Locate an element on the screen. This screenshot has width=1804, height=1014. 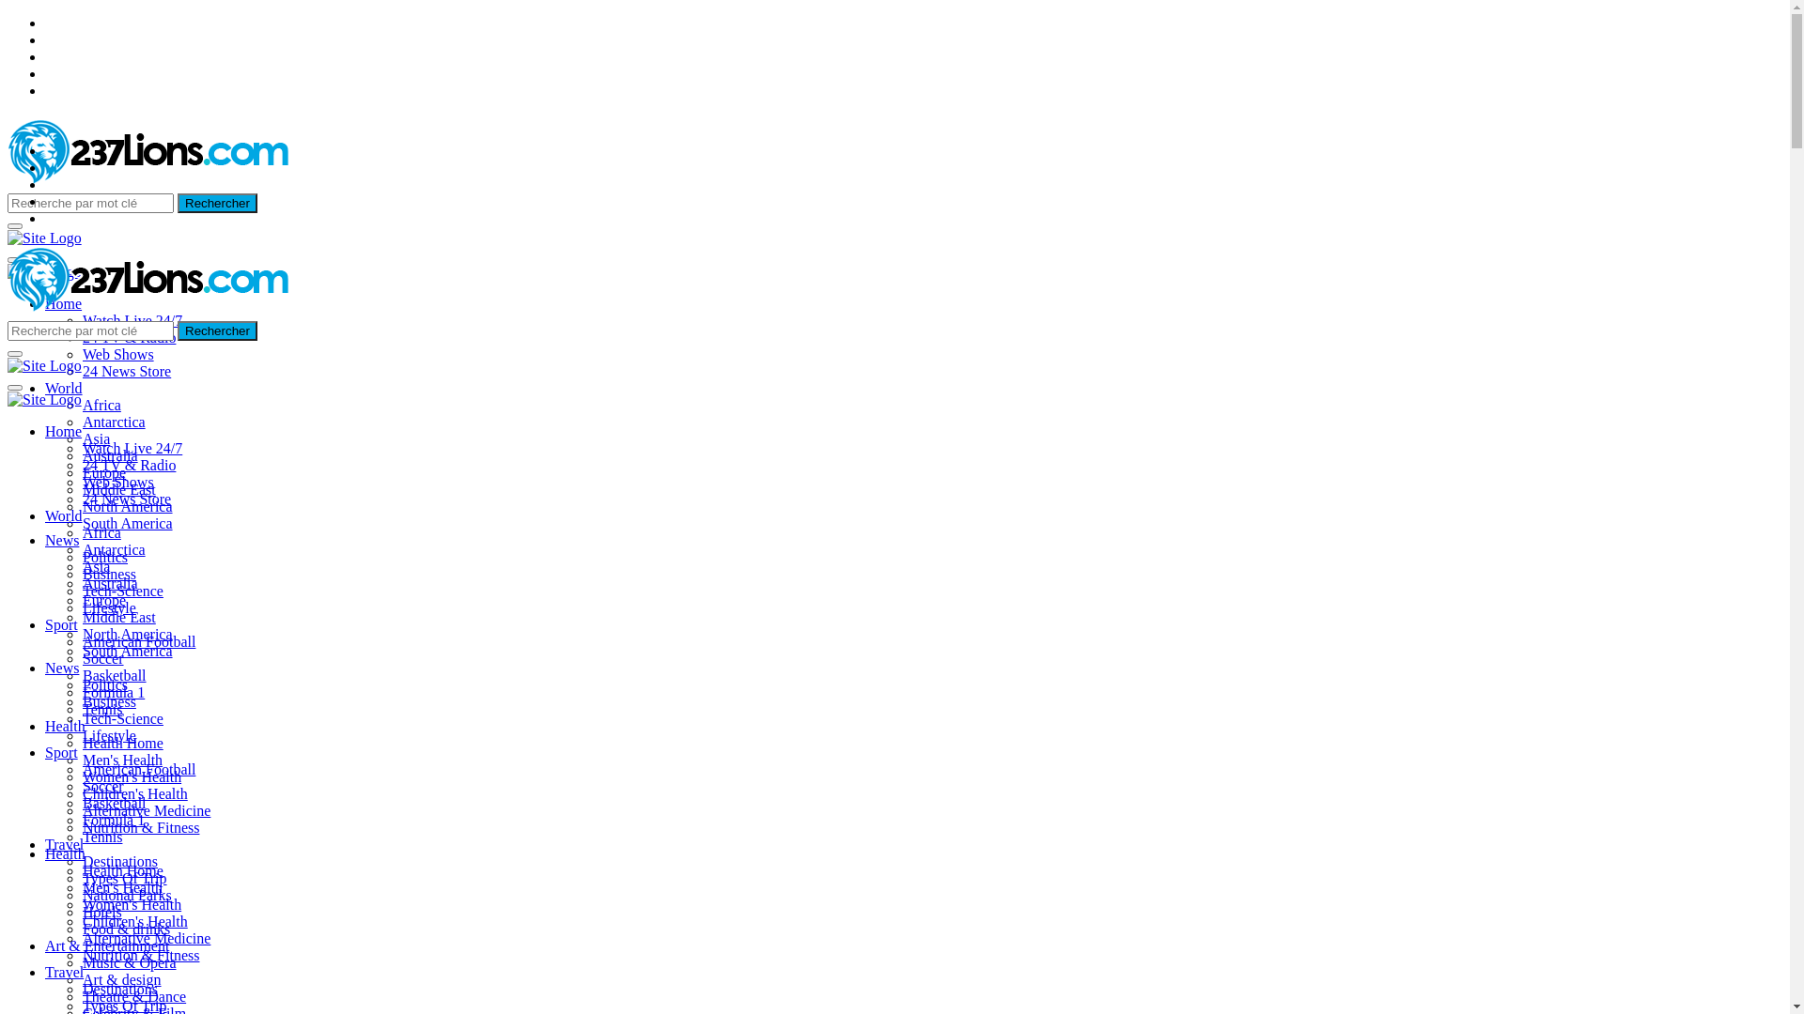
'North America' is located at coordinates (81, 634).